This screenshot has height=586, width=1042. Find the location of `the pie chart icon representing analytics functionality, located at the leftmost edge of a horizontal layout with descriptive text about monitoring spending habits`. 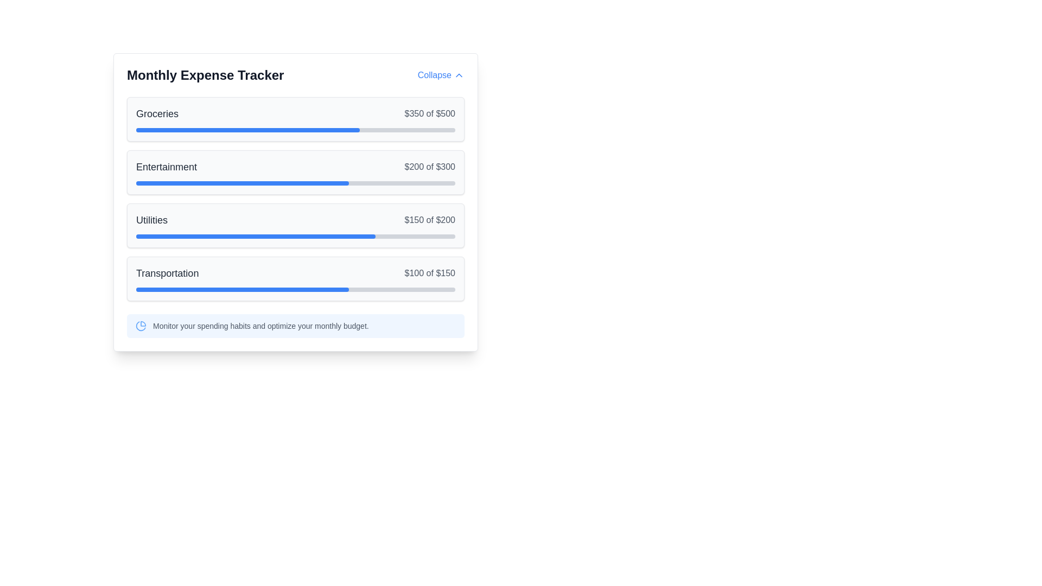

the pie chart icon representing analytics functionality, located at the leftmost edge of a horizontal layout with descriptive text about monitoring spending habits is located at coordinates (140, 326).